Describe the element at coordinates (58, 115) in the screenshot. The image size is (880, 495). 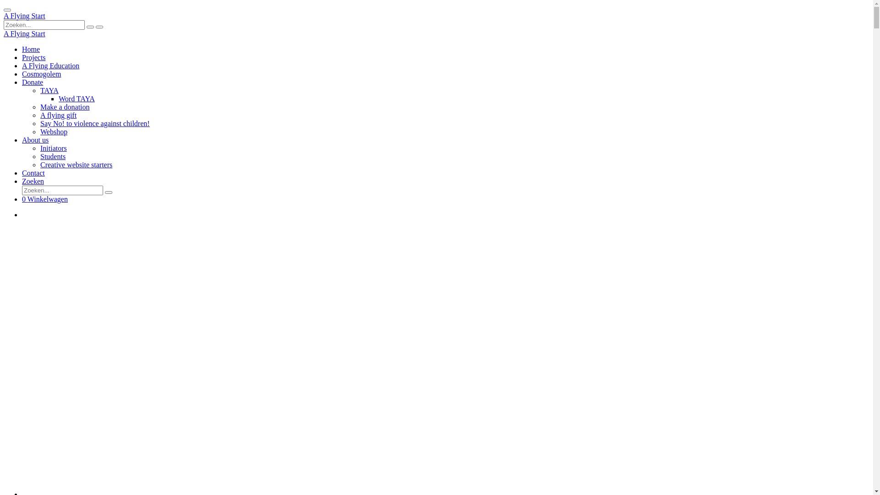
I see `'A flying gift'` at that location.